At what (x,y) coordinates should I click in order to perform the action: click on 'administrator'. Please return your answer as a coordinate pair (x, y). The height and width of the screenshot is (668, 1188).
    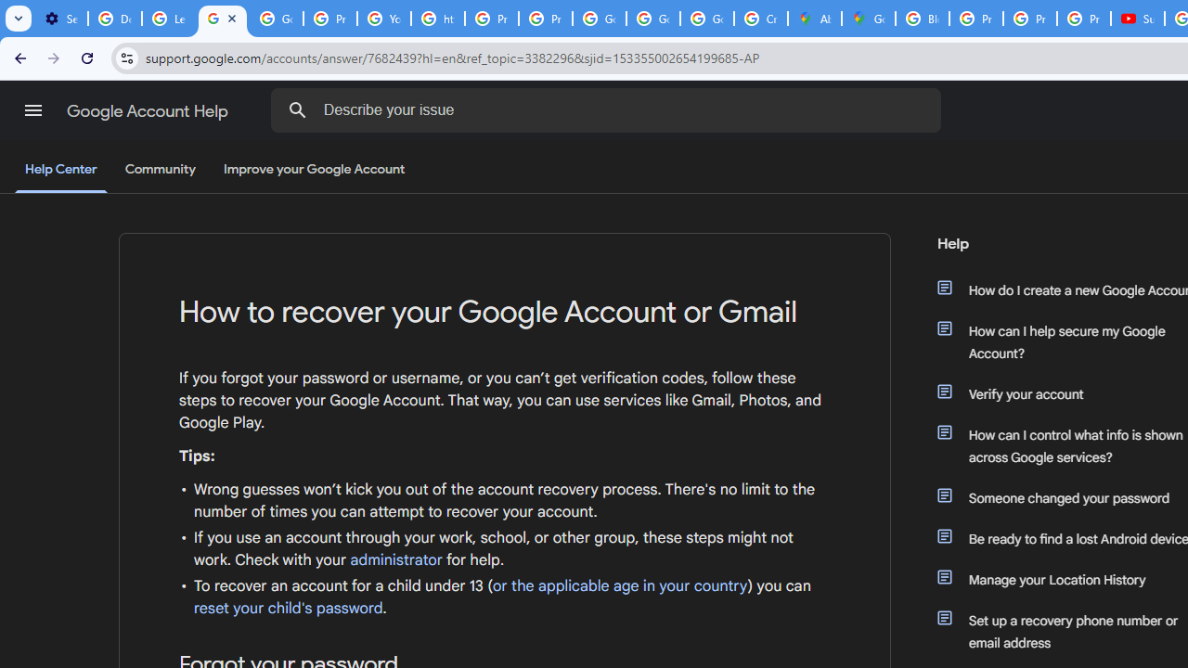
    Looking at the image, I should click on (395, 559).